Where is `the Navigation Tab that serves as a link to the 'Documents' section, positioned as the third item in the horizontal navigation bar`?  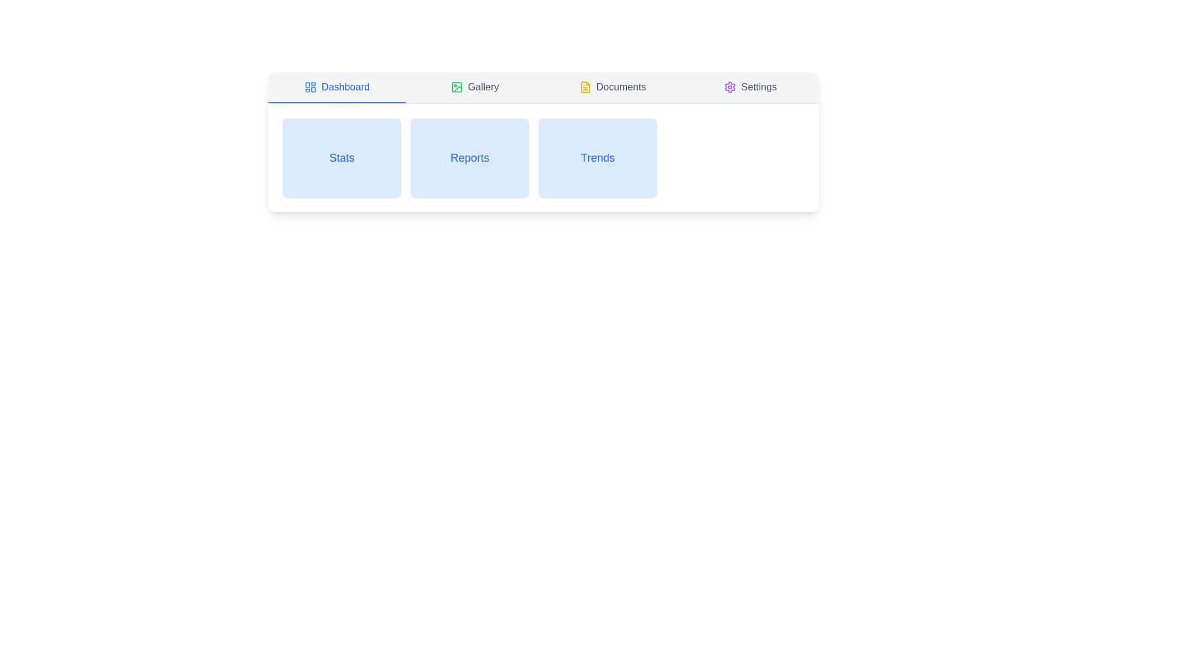 the Navigation Tab that serves as a link to the 'Documents' section, positioned as the third item in the horizontal navigation bar is located at coordinates (613, 87).